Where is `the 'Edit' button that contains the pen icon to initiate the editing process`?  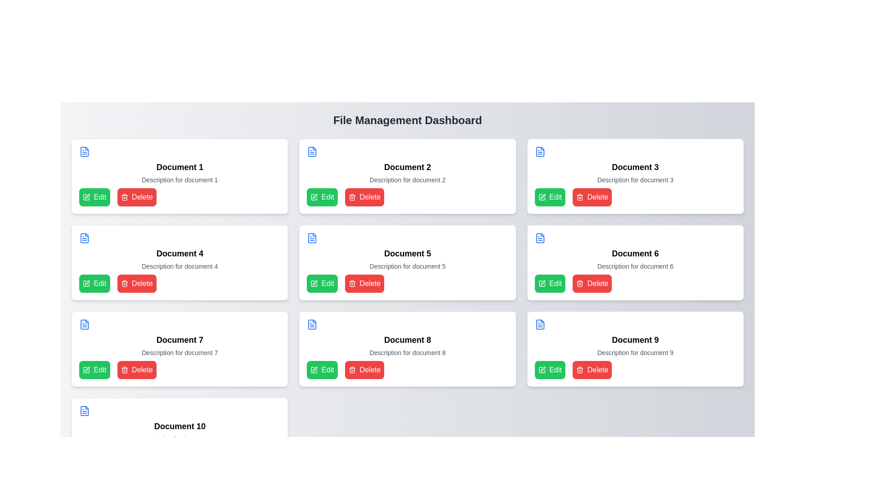
the 'Edit' button that contains the pen icon to initiate the editing process is located at coordinates (315, 369).